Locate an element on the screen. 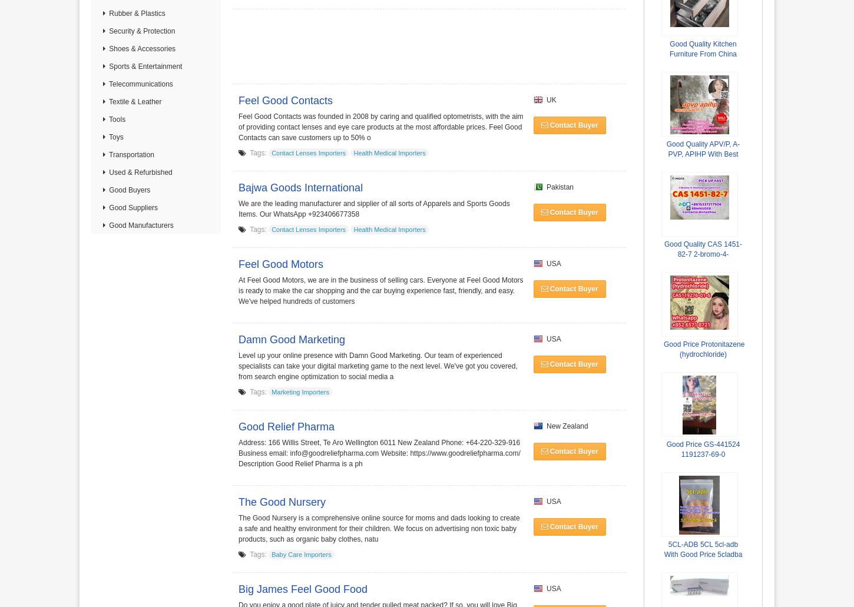 This screenshot has width=854, height=607. 'Good Buyers' is located at coordinates (128, 190).